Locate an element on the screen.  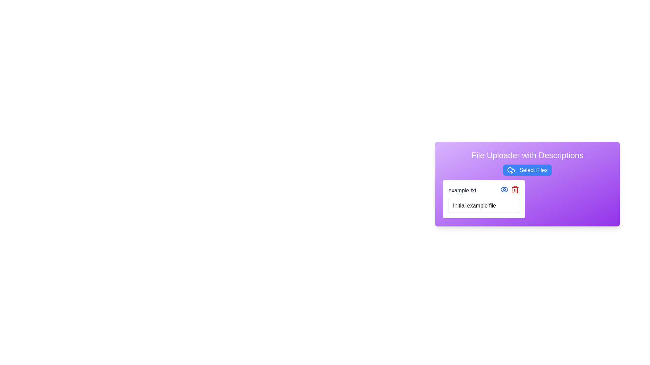
the 'Select Files' button, which is styled with a blue background and white text is located at coordinates (527, 170).